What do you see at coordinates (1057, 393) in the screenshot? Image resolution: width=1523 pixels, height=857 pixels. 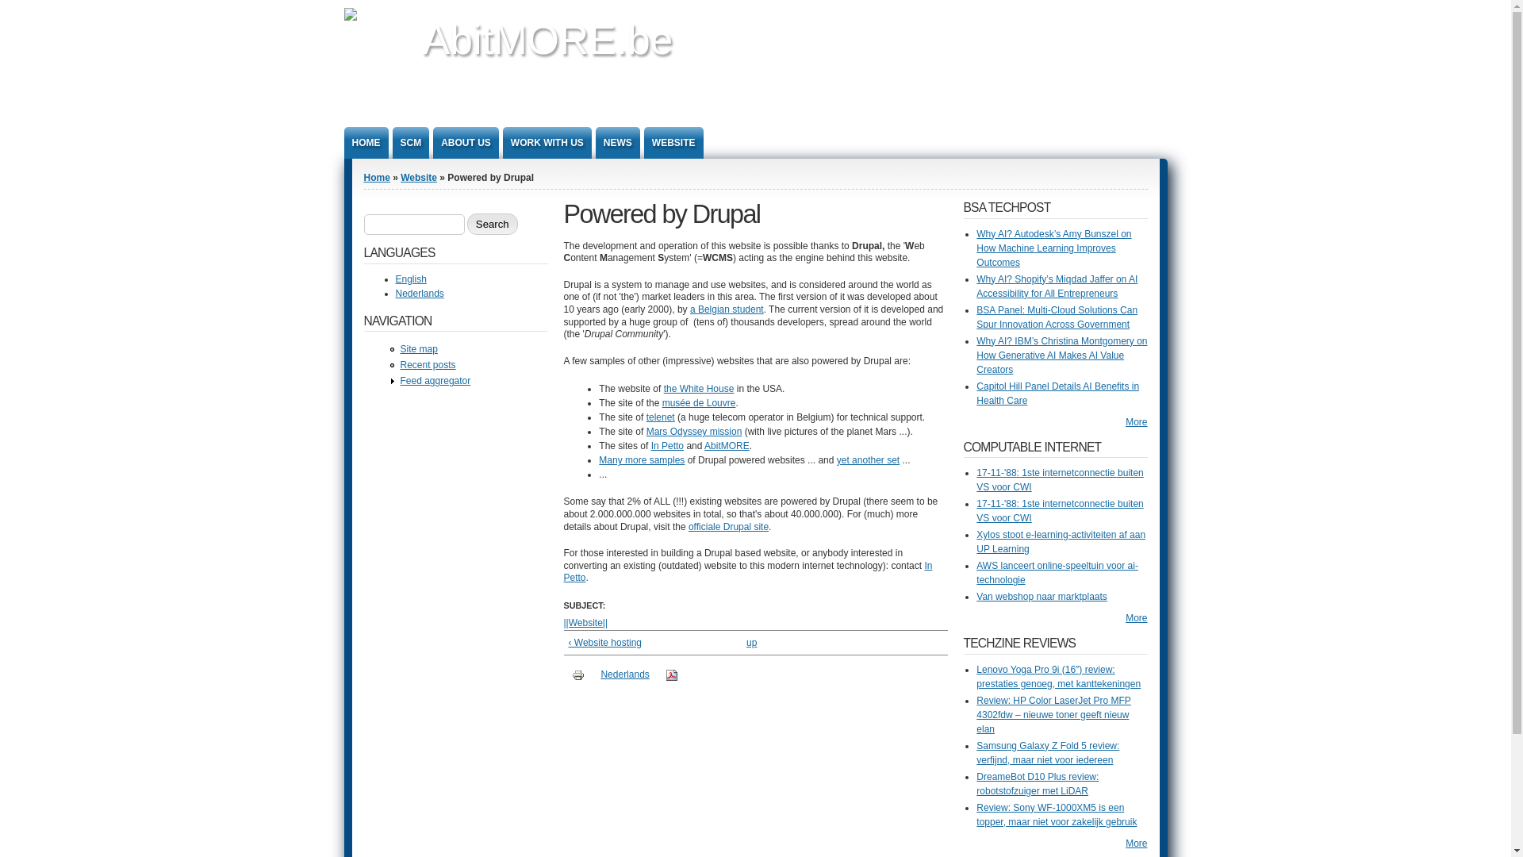 I see `'Capitol Hill Panel Details AI Benefits in Health Care'` at bounding box center [1057, 393].